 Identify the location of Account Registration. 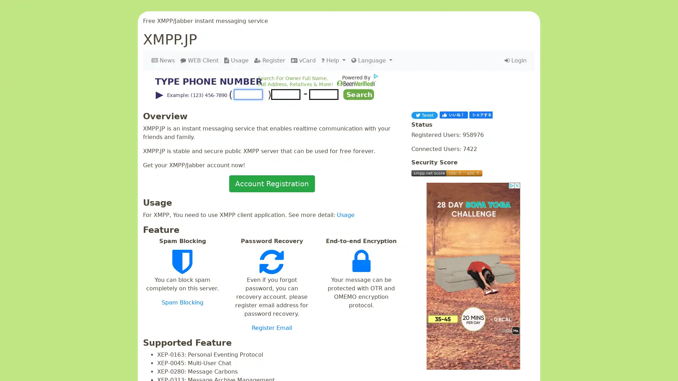
(271, 183).